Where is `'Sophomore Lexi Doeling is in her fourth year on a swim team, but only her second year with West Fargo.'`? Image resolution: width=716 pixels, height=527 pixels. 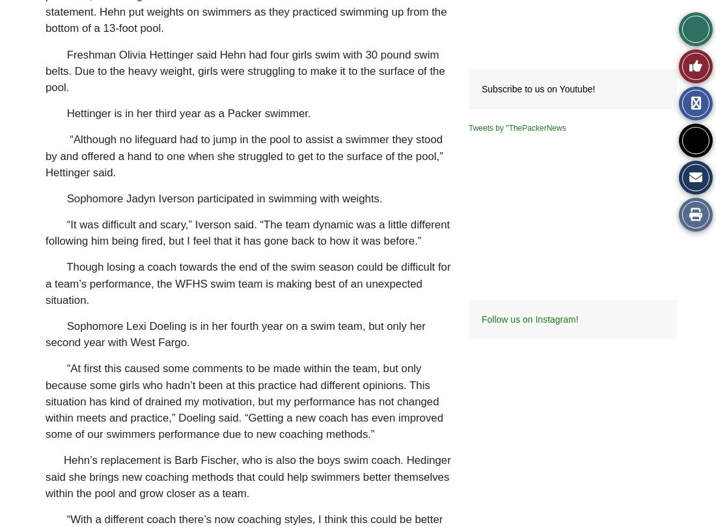
'Sophomore Lexi Doeling is in her fourth year on a swim team, but only her second year with West Fargo.' is located at coordinates (44, 334).